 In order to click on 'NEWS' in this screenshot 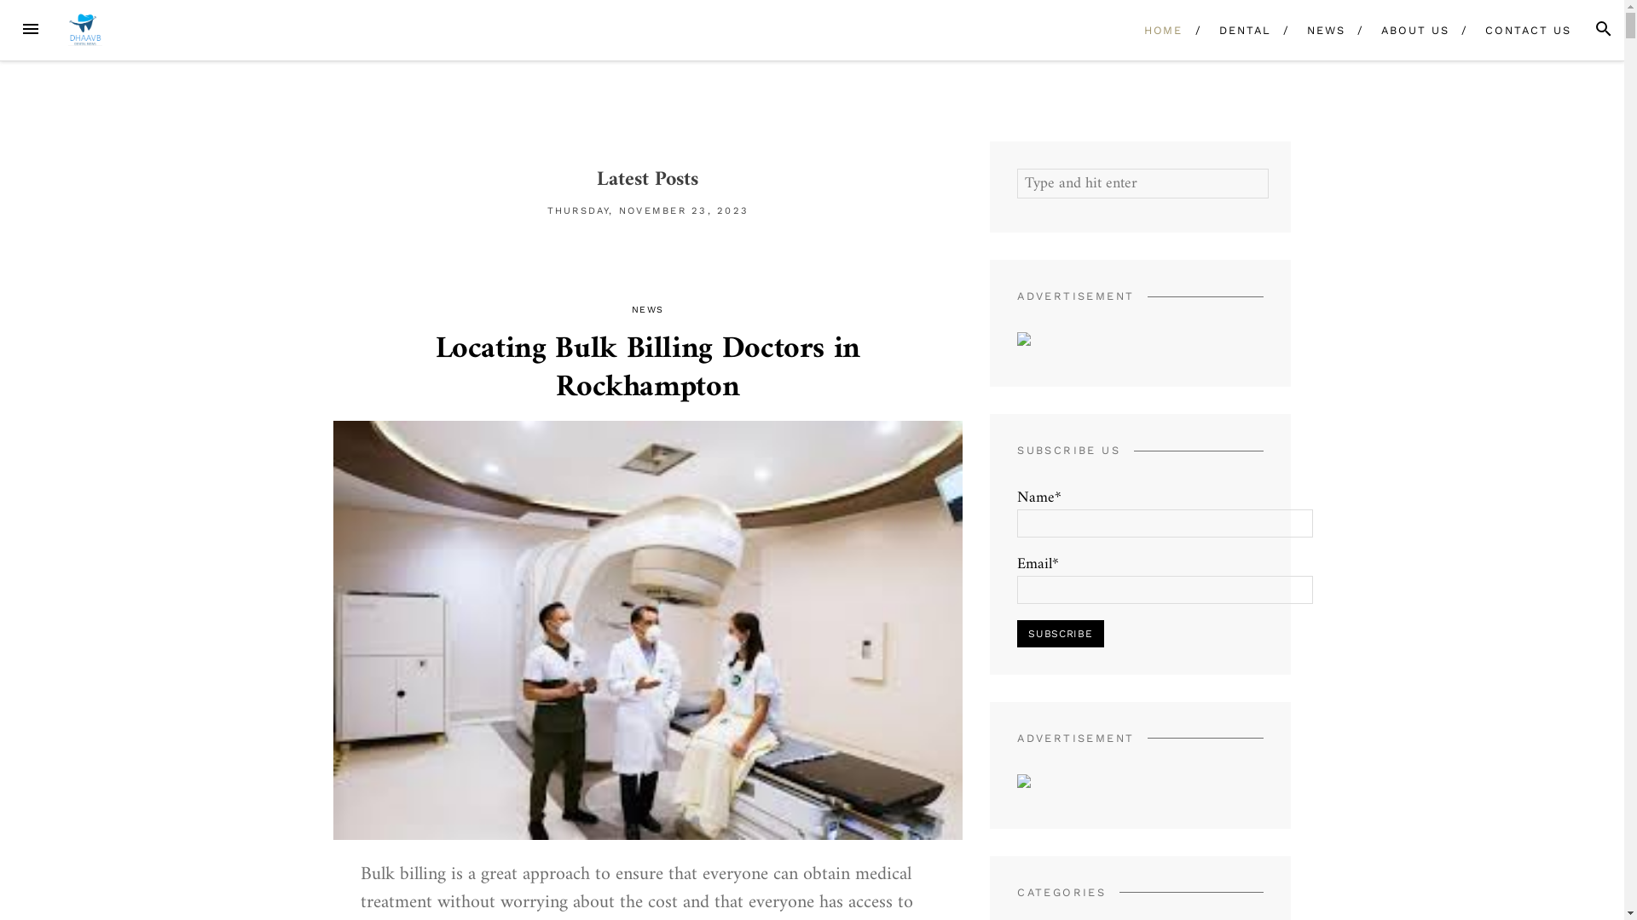, I will do `click(646, 309)`.